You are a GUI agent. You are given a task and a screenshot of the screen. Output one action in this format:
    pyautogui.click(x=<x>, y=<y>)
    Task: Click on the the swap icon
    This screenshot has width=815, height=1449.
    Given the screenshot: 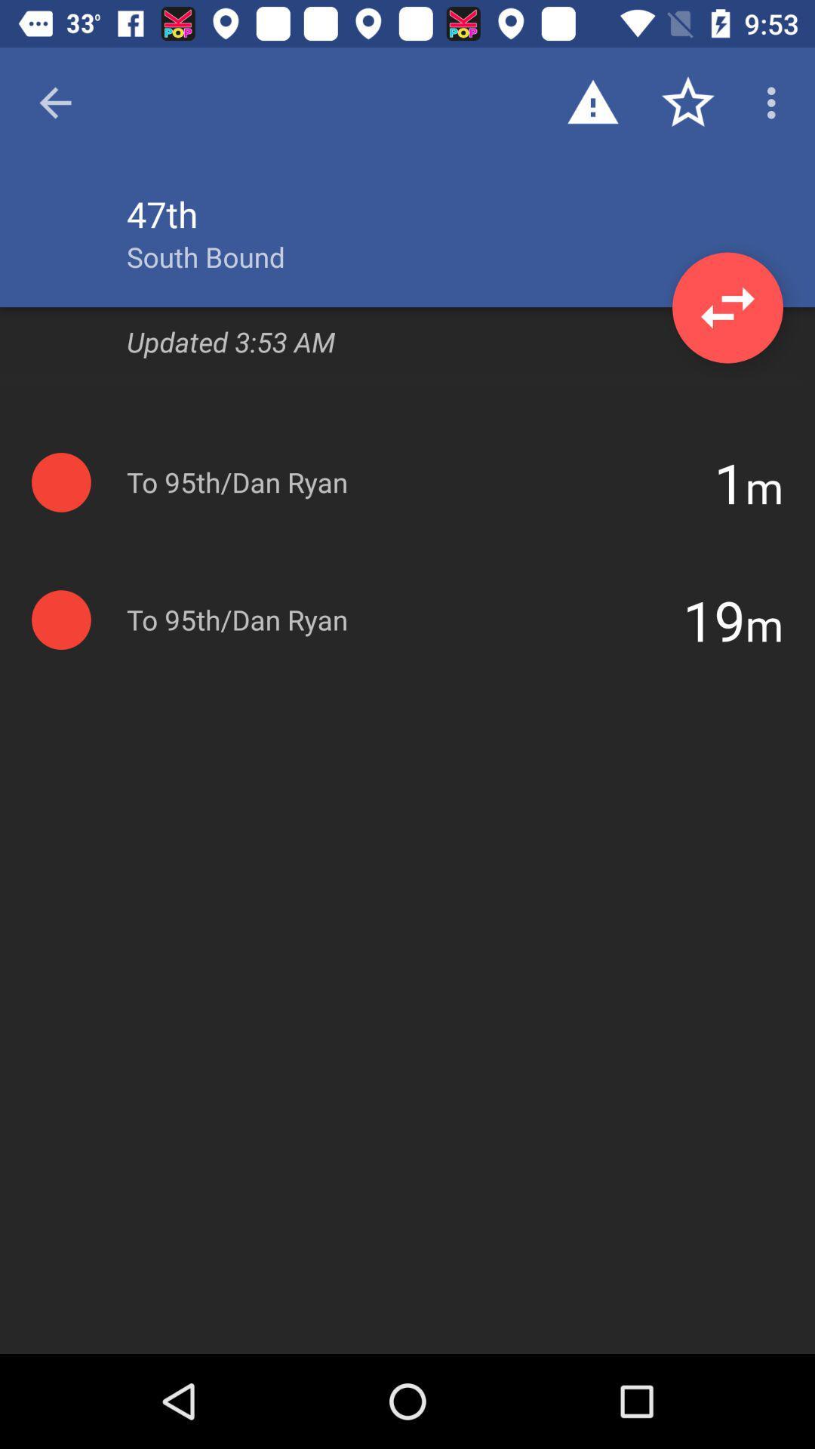 What is the action you would take?
    pyautogui.click(x=727, y=307)
    